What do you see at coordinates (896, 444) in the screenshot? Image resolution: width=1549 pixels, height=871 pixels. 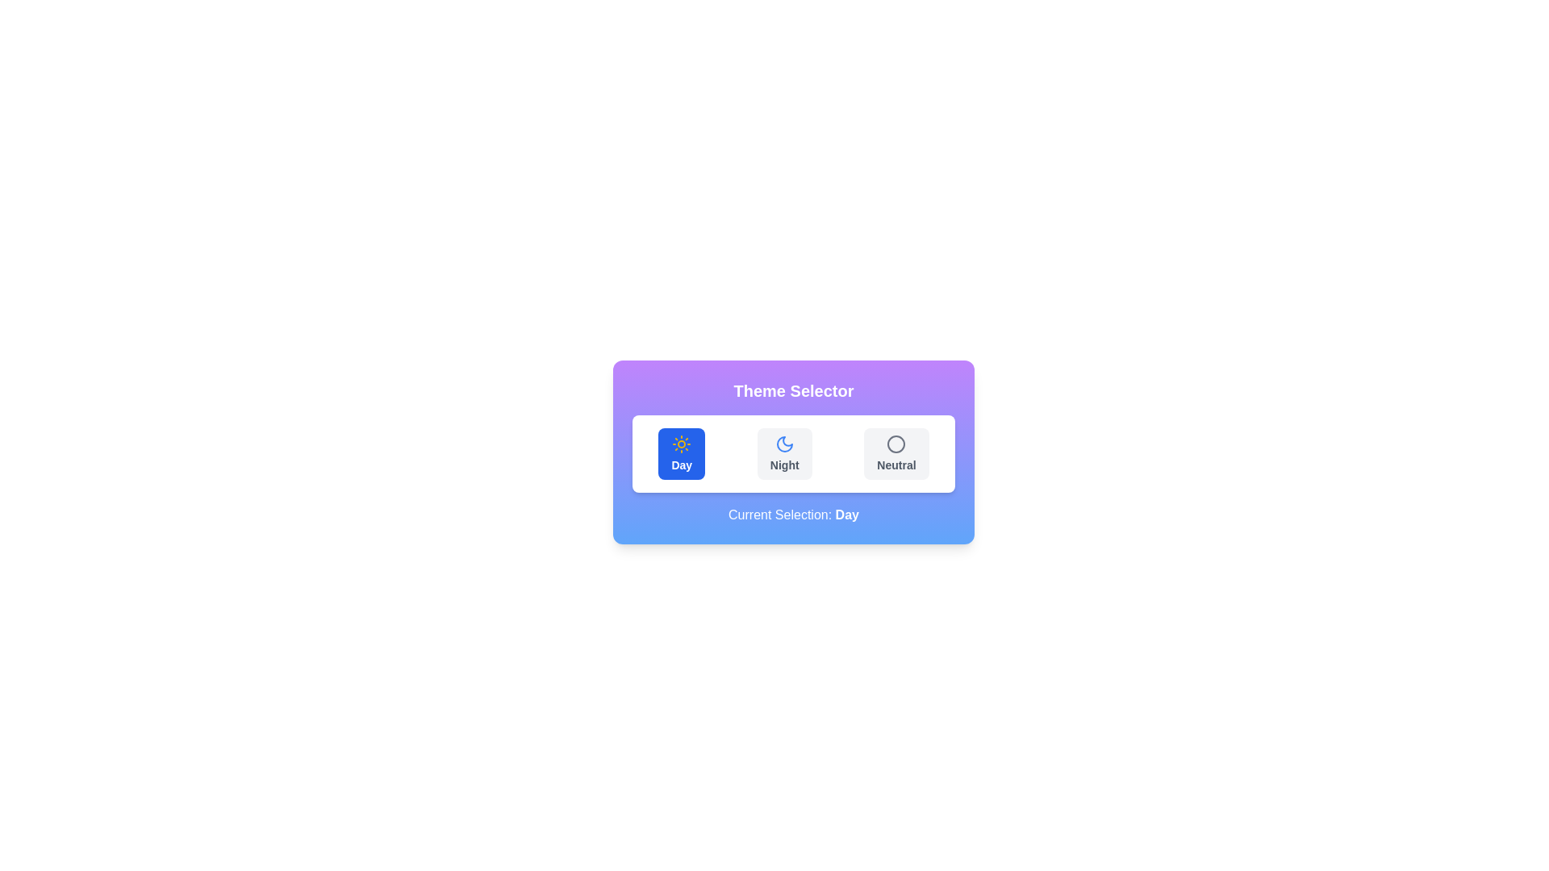 I see `the decorative circular indicator representing the 'Neutral' theme option within the theme switcher component located at the bottom center of the interface` at bounding box center [896, 444].